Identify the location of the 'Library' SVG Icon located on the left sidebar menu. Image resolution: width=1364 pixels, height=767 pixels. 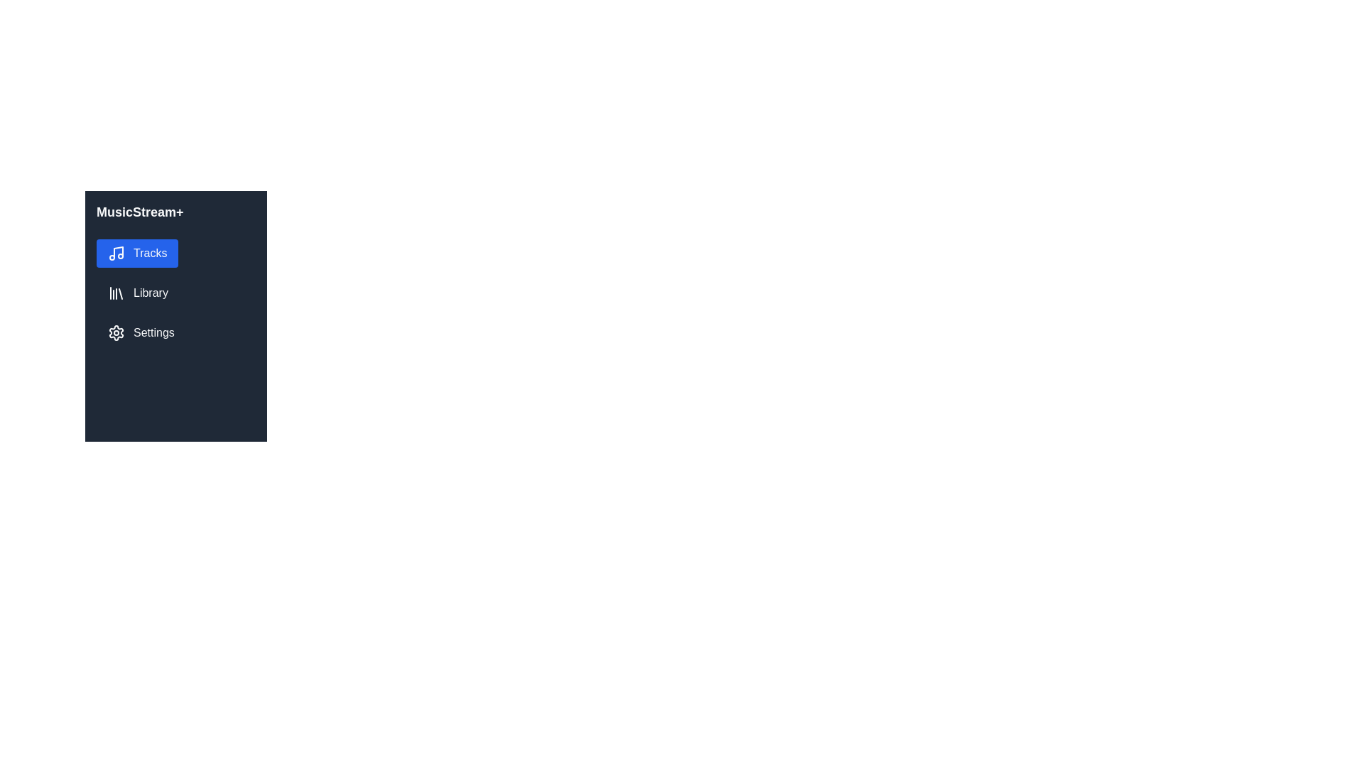
(116, 292).